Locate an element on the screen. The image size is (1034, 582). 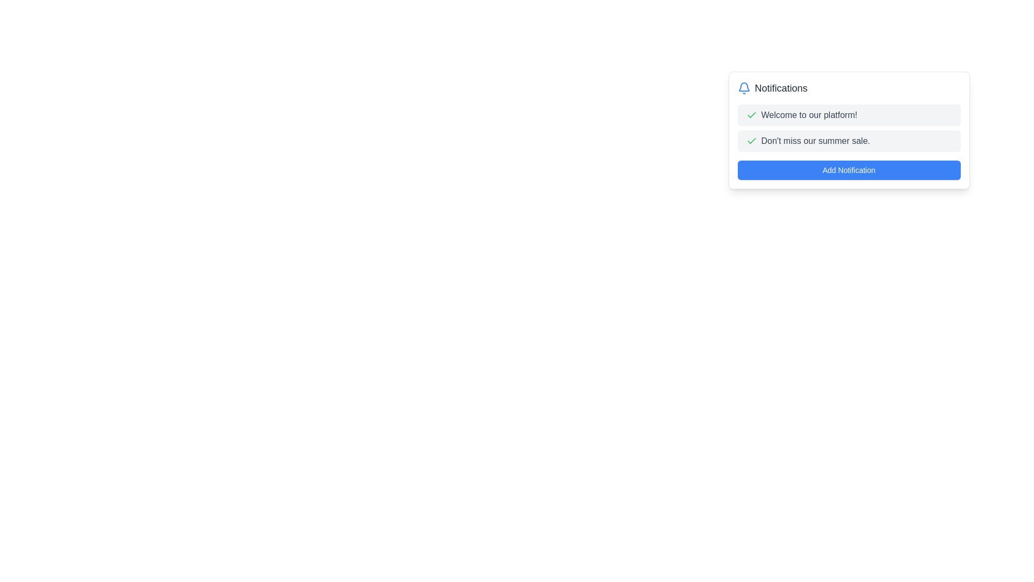
the text label that displays 'Welcome is located at coordinates (809, 115).